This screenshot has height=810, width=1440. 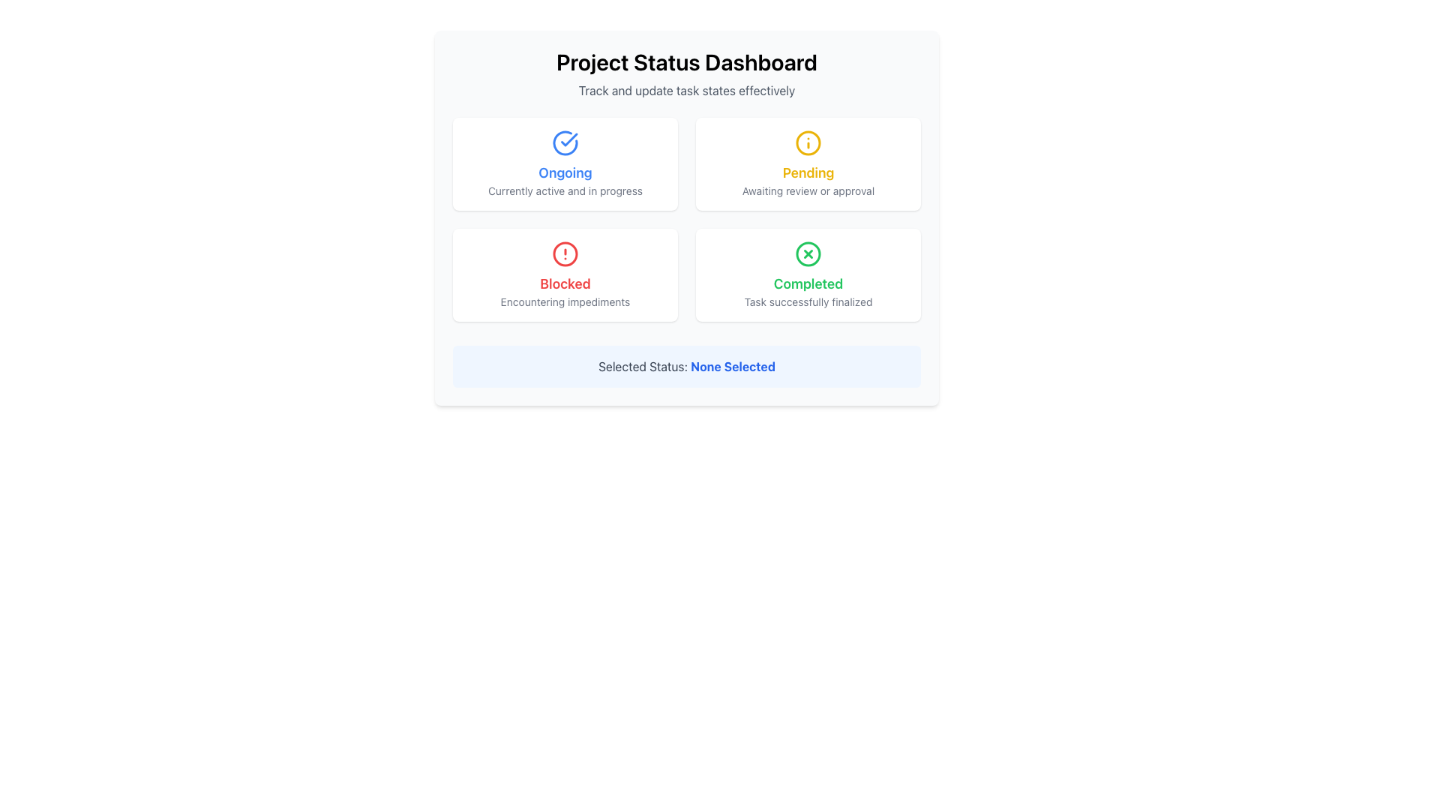 I want to click on the static text label displaying 'Pending' in bold yellow font, located in the upper right card of the dashboard interface, so click(x=808, y=172).